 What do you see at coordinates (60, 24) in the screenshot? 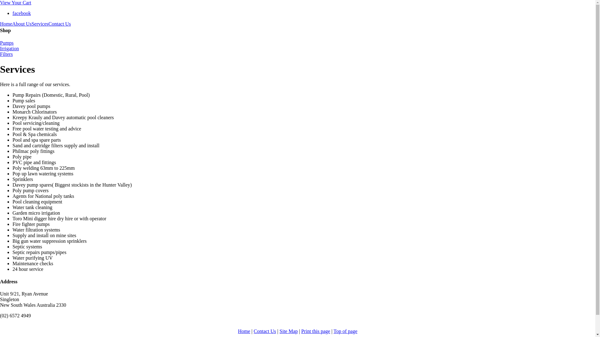
I see `'Contact Us'` at bounding box center [60, 24].